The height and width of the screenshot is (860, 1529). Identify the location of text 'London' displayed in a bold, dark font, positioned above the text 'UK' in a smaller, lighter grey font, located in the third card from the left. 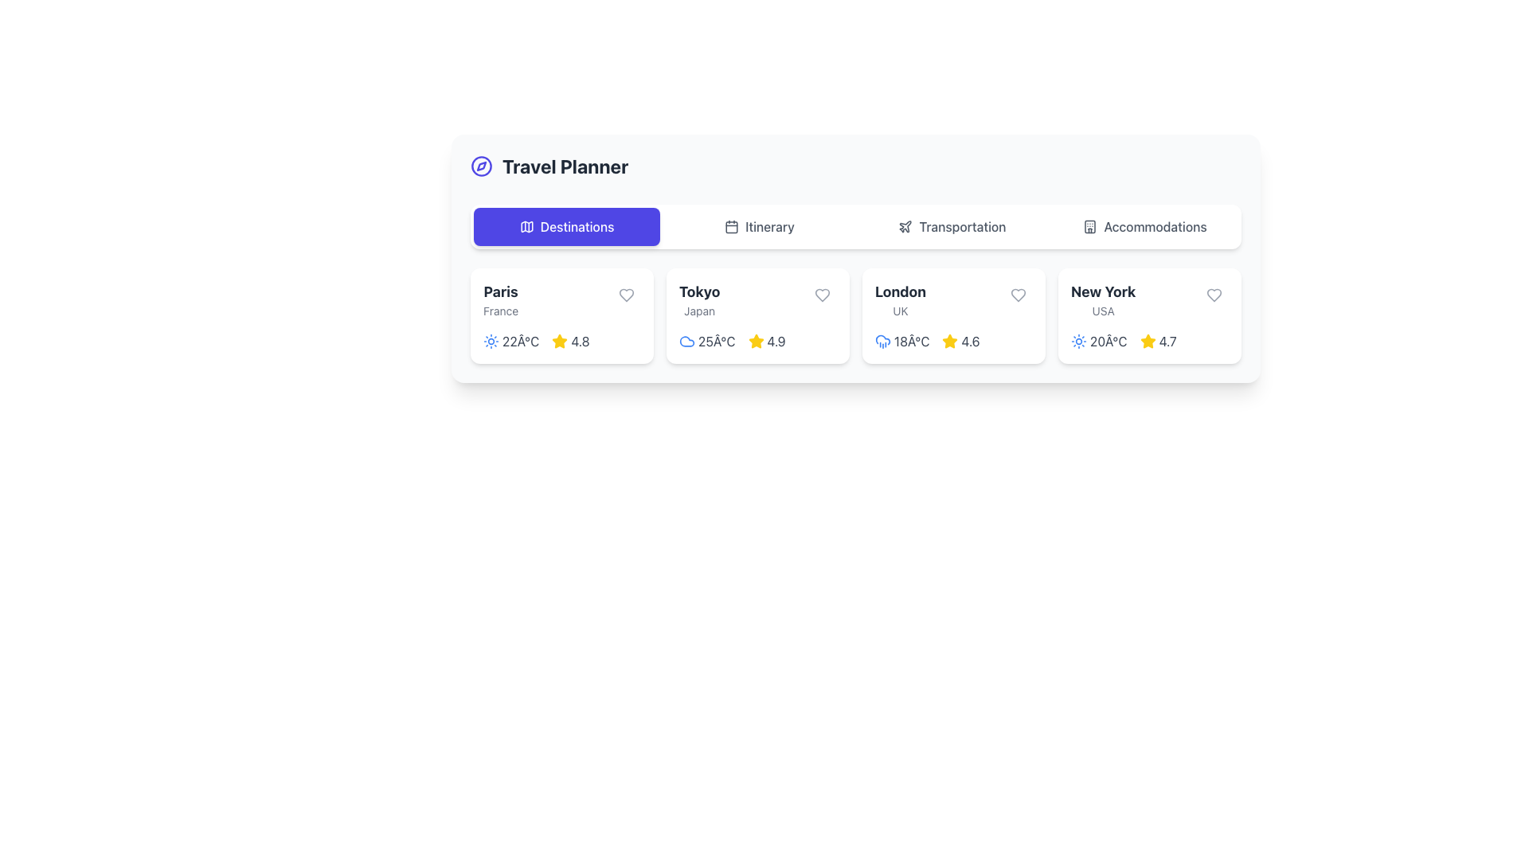
(901, 300).